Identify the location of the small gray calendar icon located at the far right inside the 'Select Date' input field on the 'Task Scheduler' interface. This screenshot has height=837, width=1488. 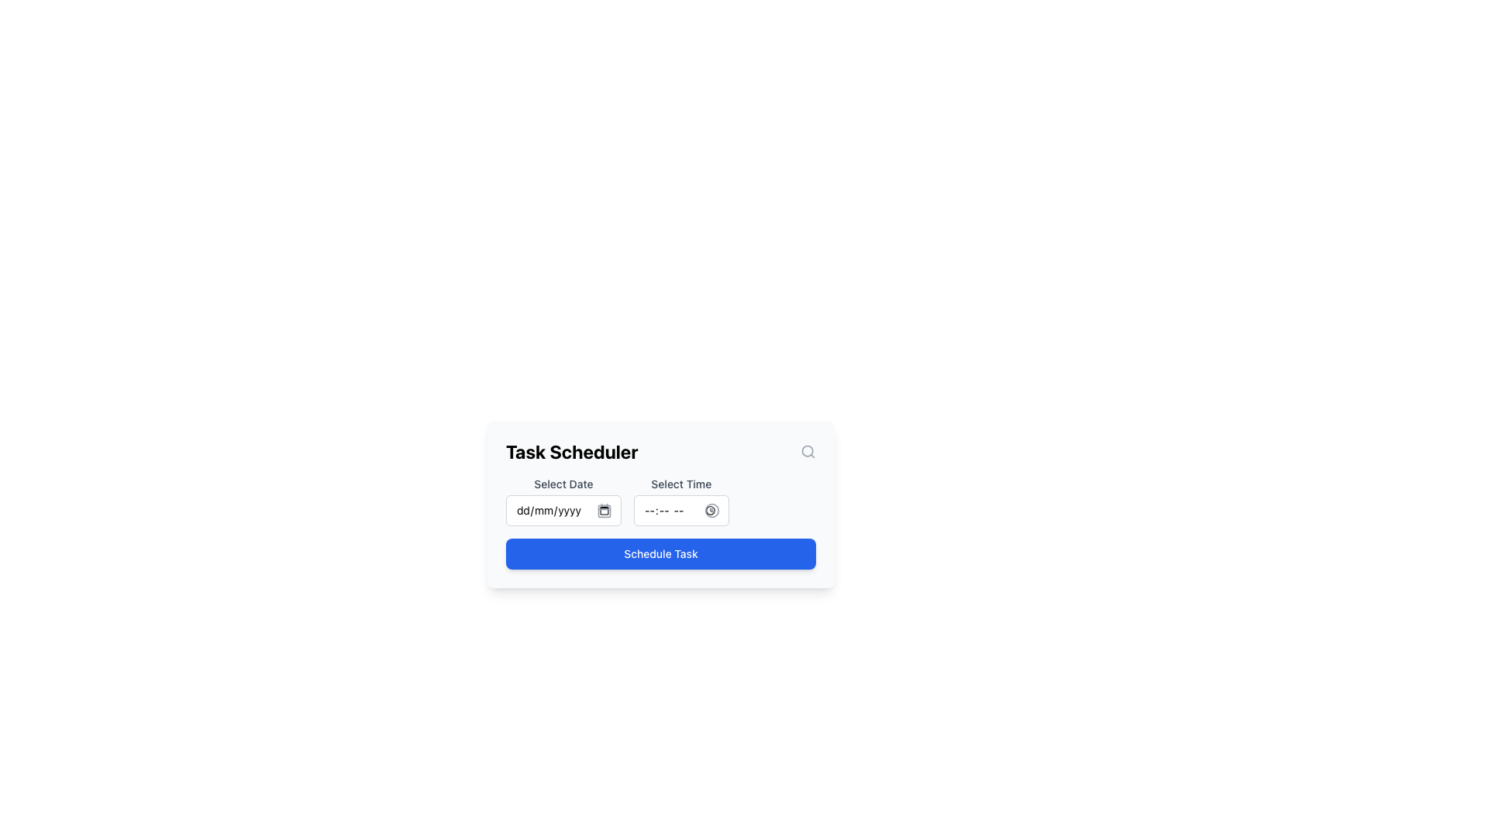
(603, 511).